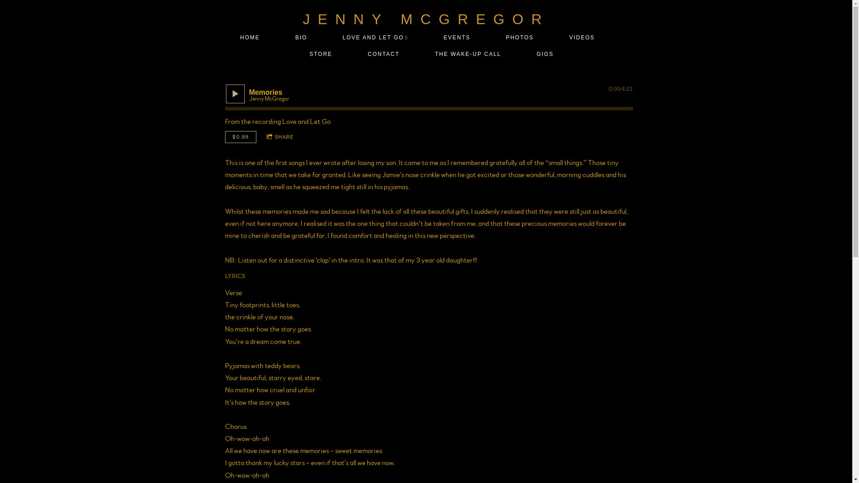  I want to click on 'EVENTS', so click(457, 37).